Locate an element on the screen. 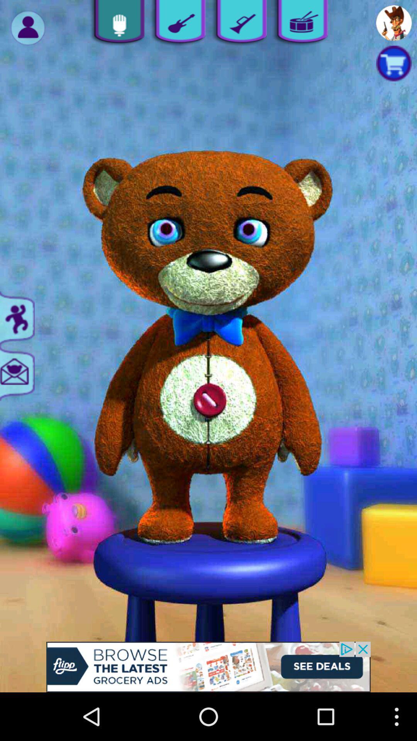 The width and height of the screenshot is (417, 741). the avatar icon is located at coordinates (394, 24).